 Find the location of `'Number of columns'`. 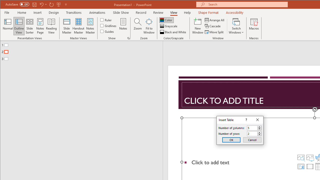

'Number of columns' is located at coordinates (254, 127).